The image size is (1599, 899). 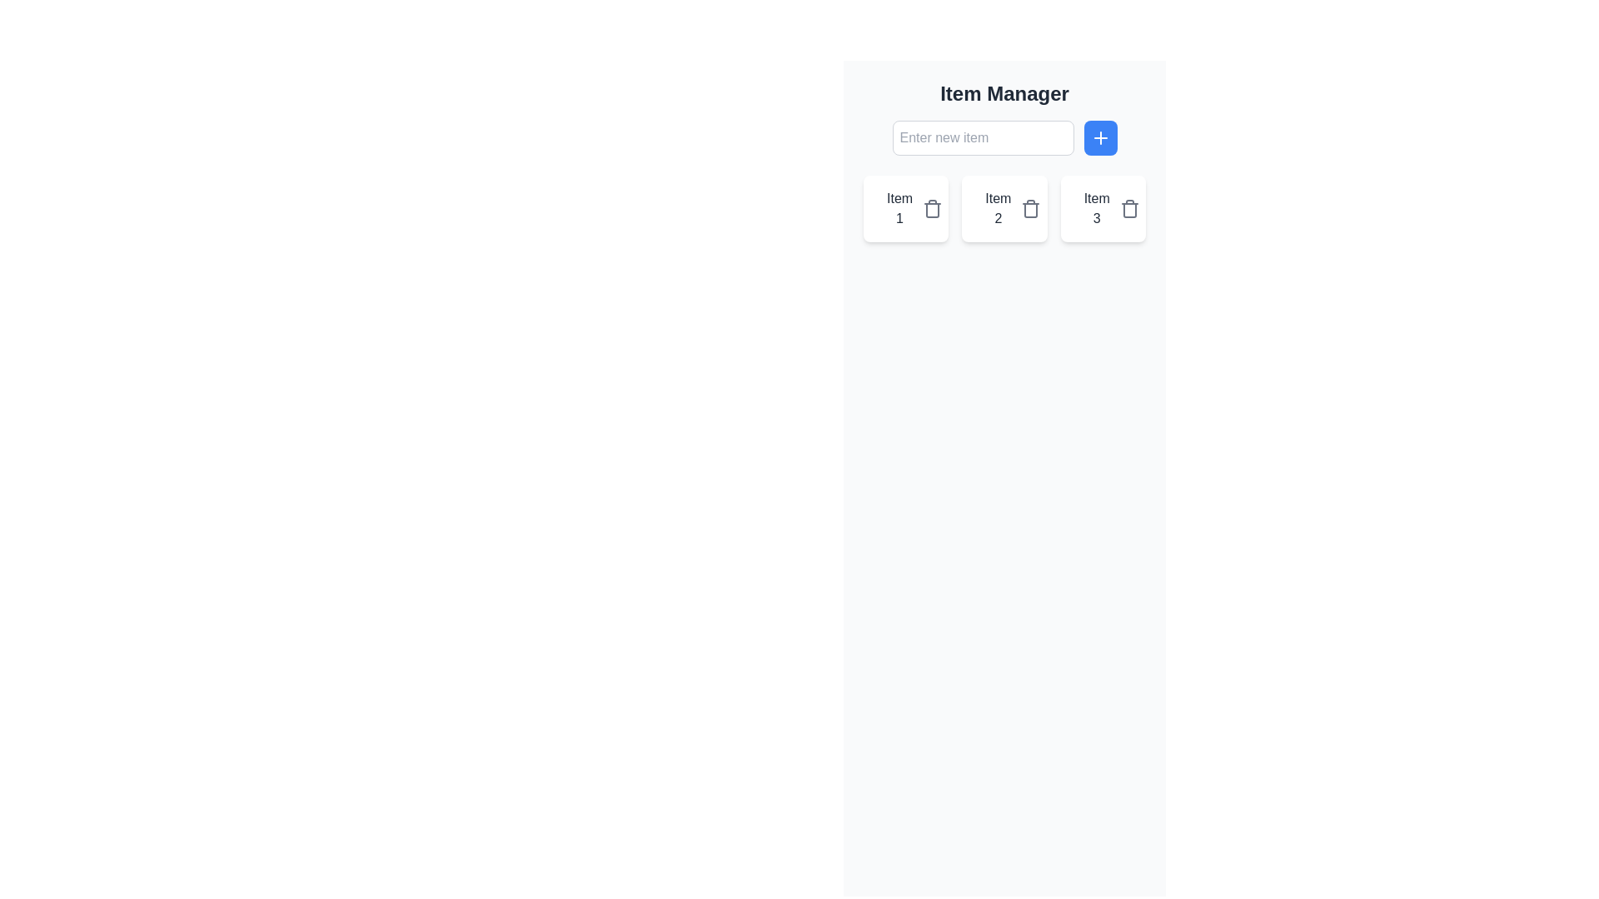 I want to click on the trash can icon button, so click(x=1030, y=207).